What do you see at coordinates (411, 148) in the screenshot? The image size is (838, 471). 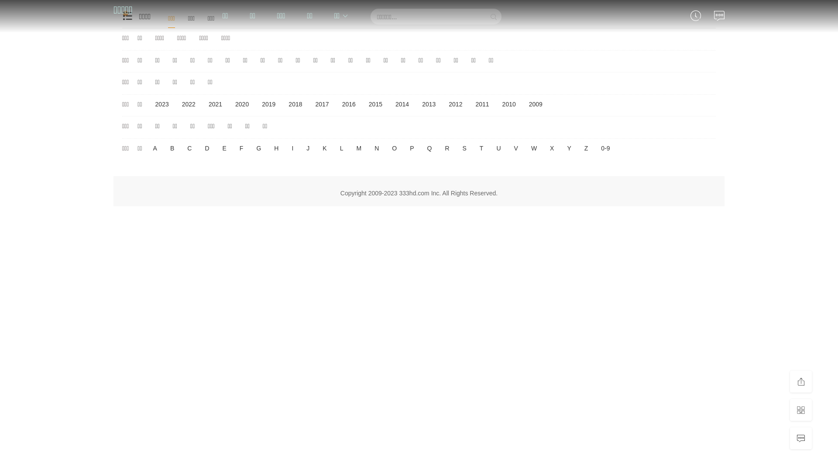 I see `'P'` at bounding box center [411, 148].